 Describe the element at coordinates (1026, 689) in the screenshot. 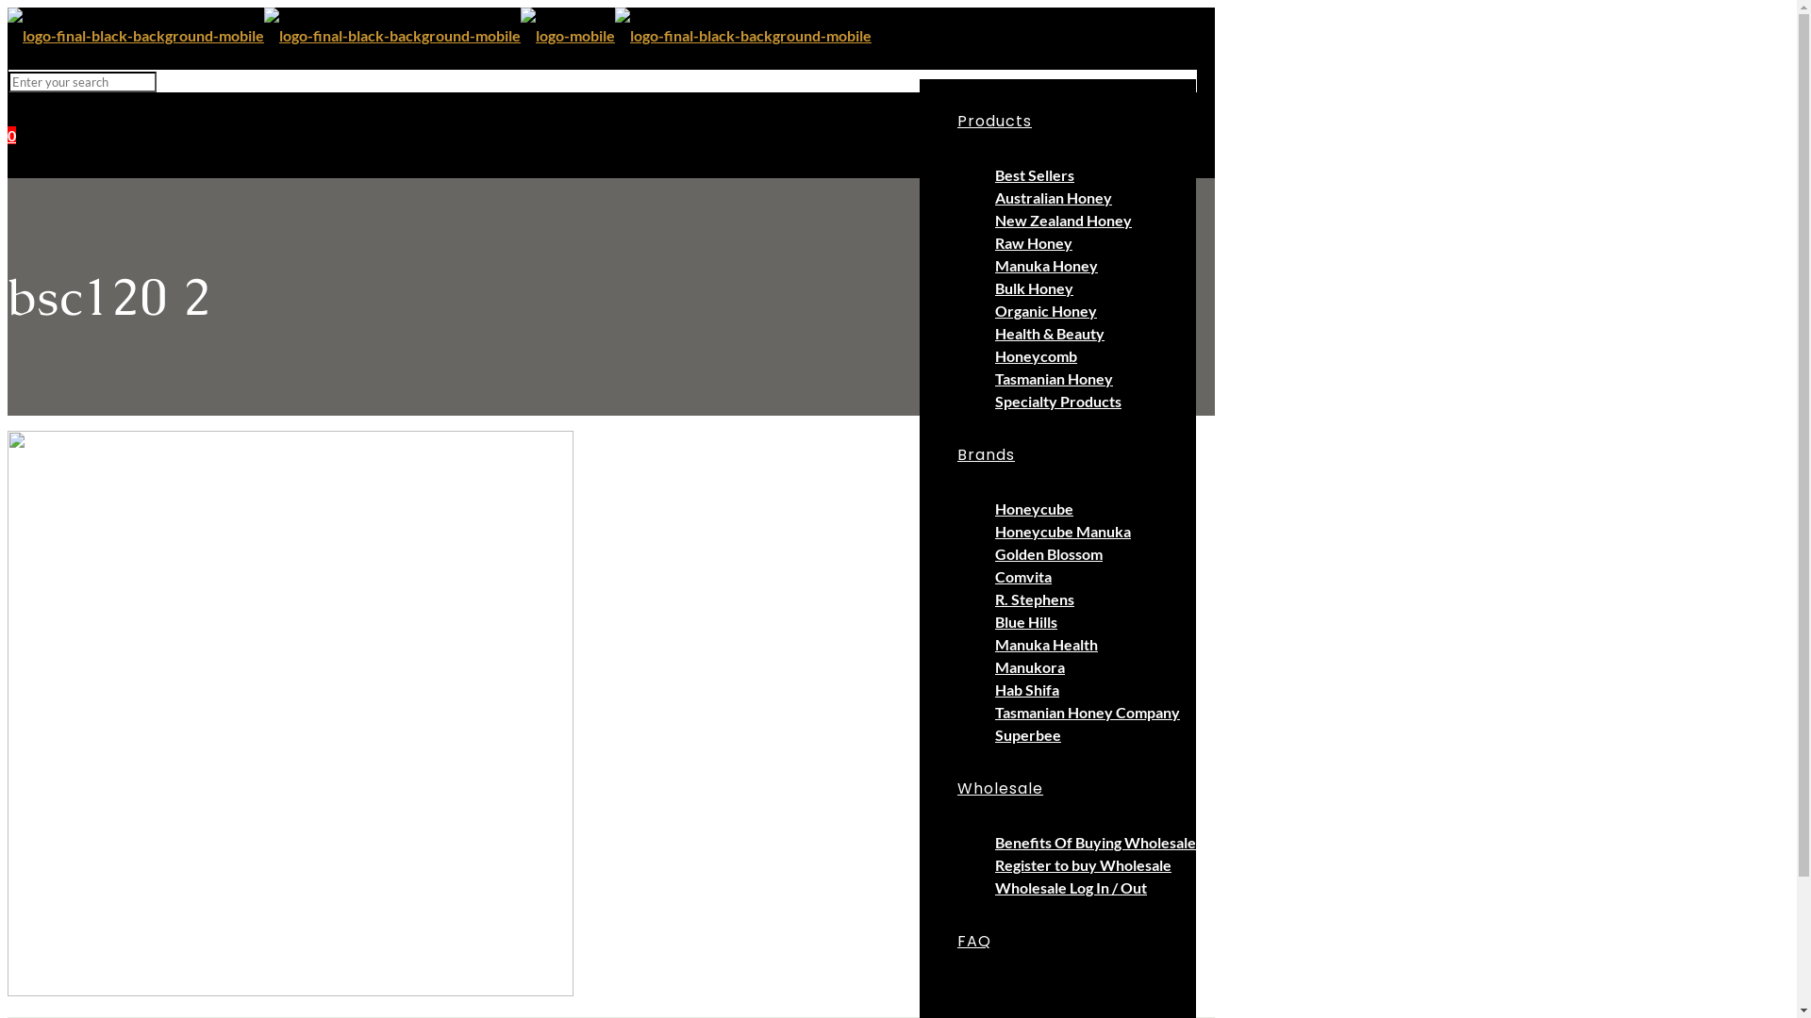

I see `'Hab Shifa'` at that location.